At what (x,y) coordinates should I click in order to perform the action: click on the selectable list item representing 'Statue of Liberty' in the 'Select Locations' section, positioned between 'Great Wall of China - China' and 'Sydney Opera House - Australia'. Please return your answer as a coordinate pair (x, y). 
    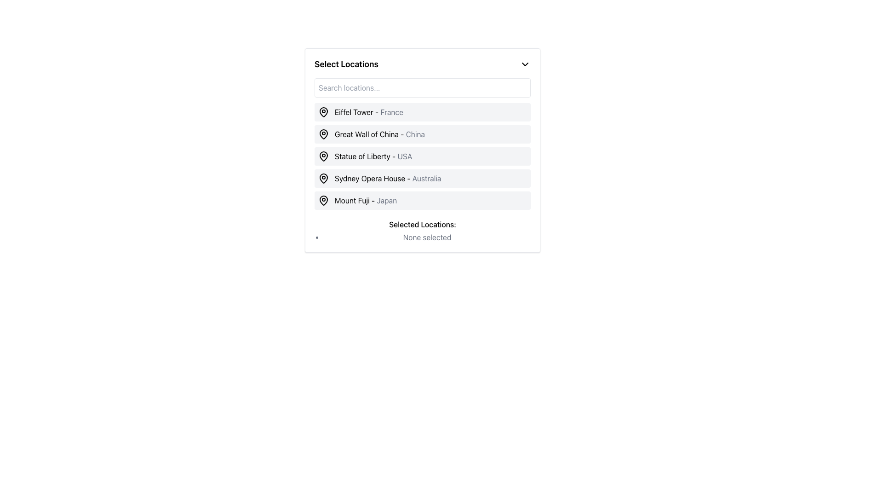
    Looking at the image, I should click on (422, 156).